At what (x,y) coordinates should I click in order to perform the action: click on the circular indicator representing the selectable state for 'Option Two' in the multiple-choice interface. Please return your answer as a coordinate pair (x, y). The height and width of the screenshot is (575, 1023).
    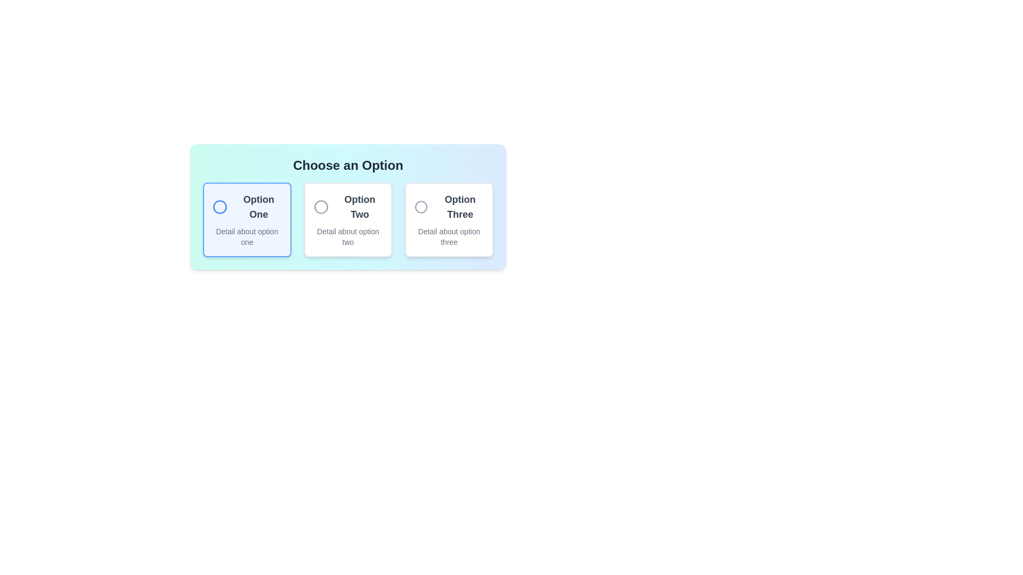
    Looking at the image, I should click on (320, 207).